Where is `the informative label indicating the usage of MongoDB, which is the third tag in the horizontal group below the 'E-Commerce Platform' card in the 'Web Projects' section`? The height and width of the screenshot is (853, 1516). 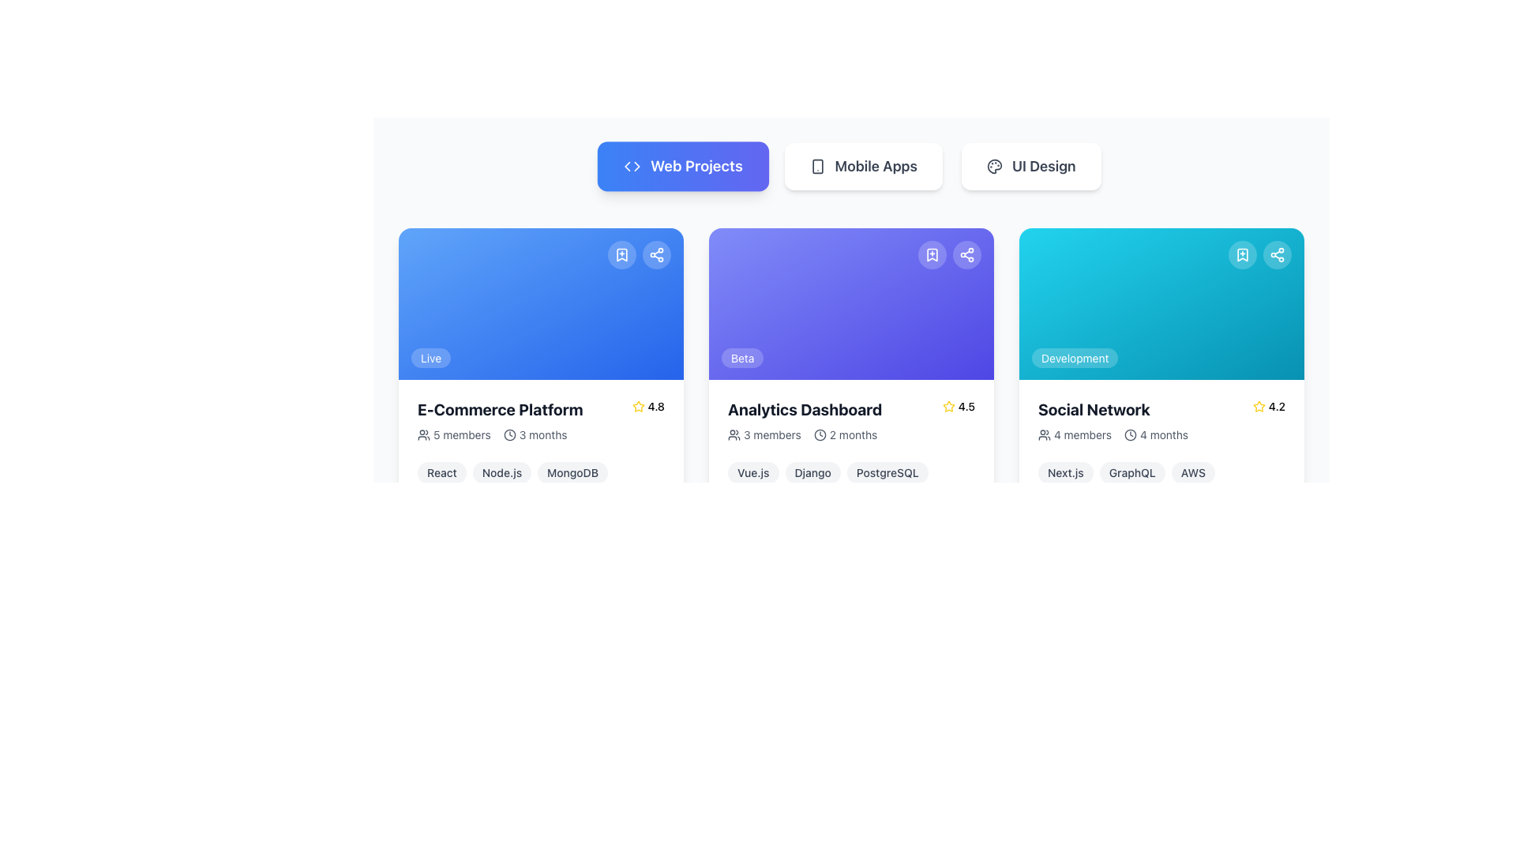
the informative label indicating the usage of MongoDB, which is the third tag in the horizontal group below the 'E-Commerce Platform' card in the 'Web Projects' section is located at coordinates (572, 472).